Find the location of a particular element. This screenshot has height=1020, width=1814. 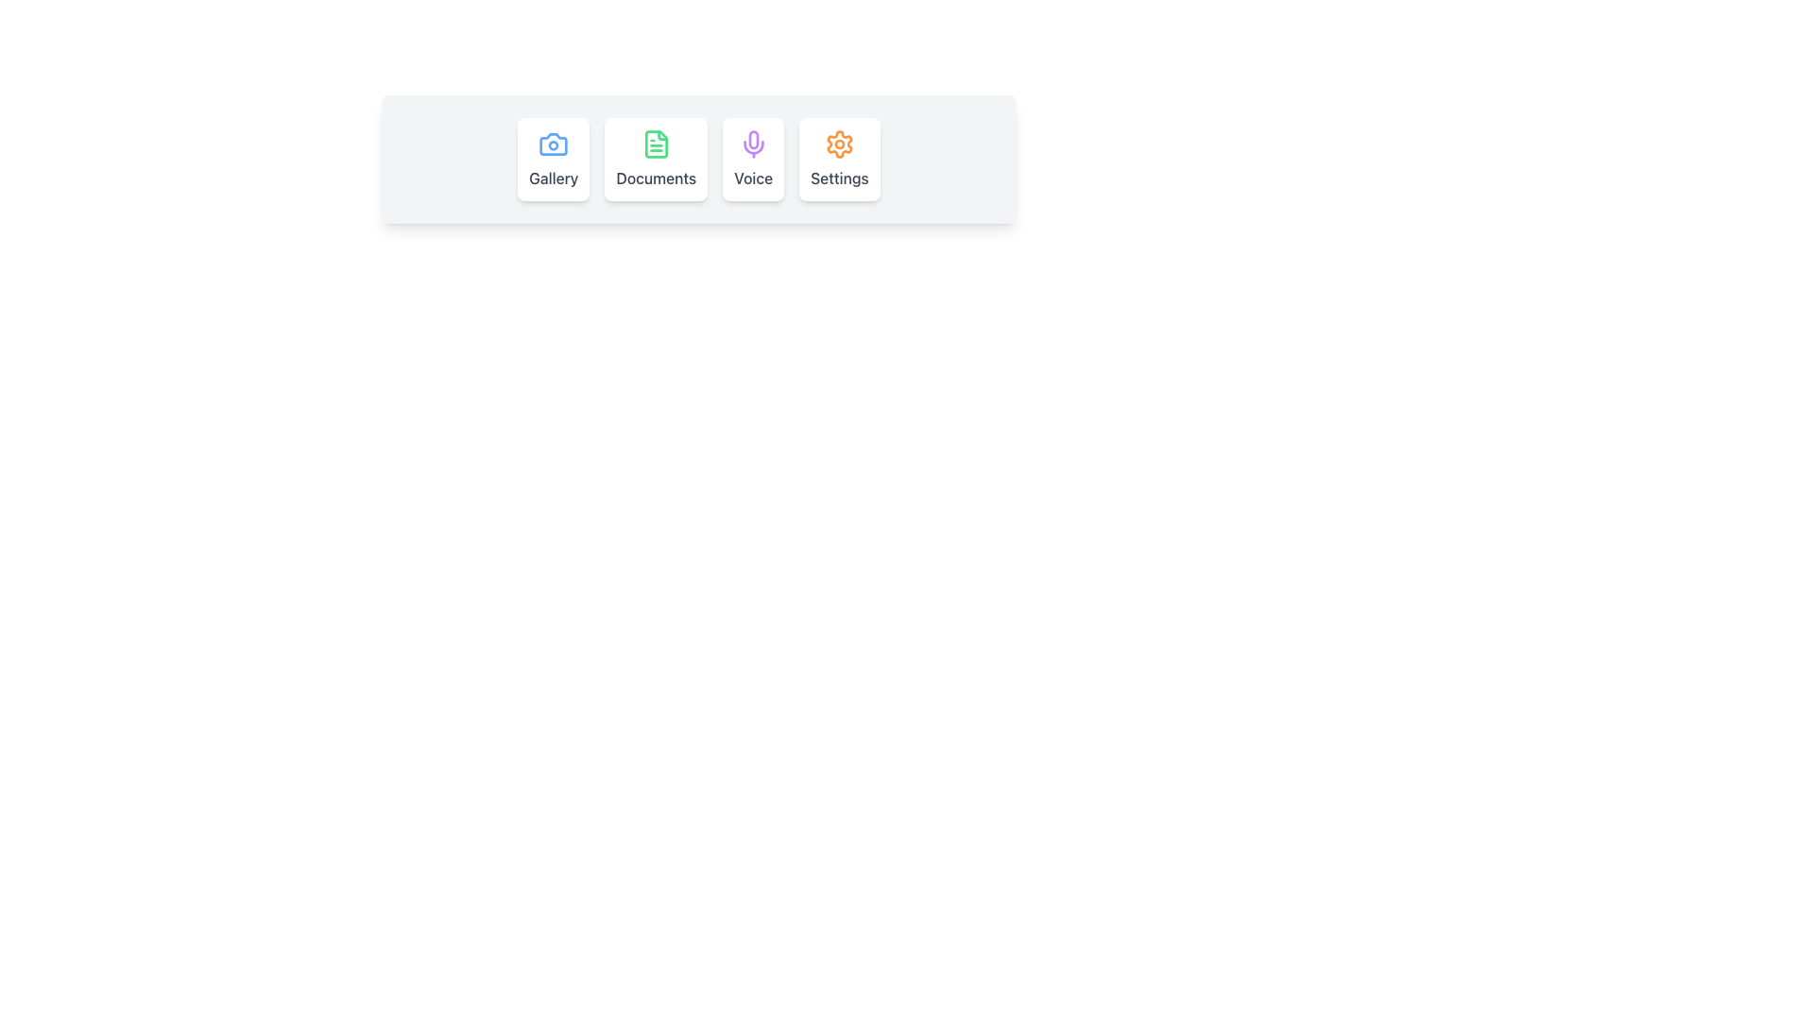

the leftmost button in the navigation section of the application is located at coordinates (553, 159).